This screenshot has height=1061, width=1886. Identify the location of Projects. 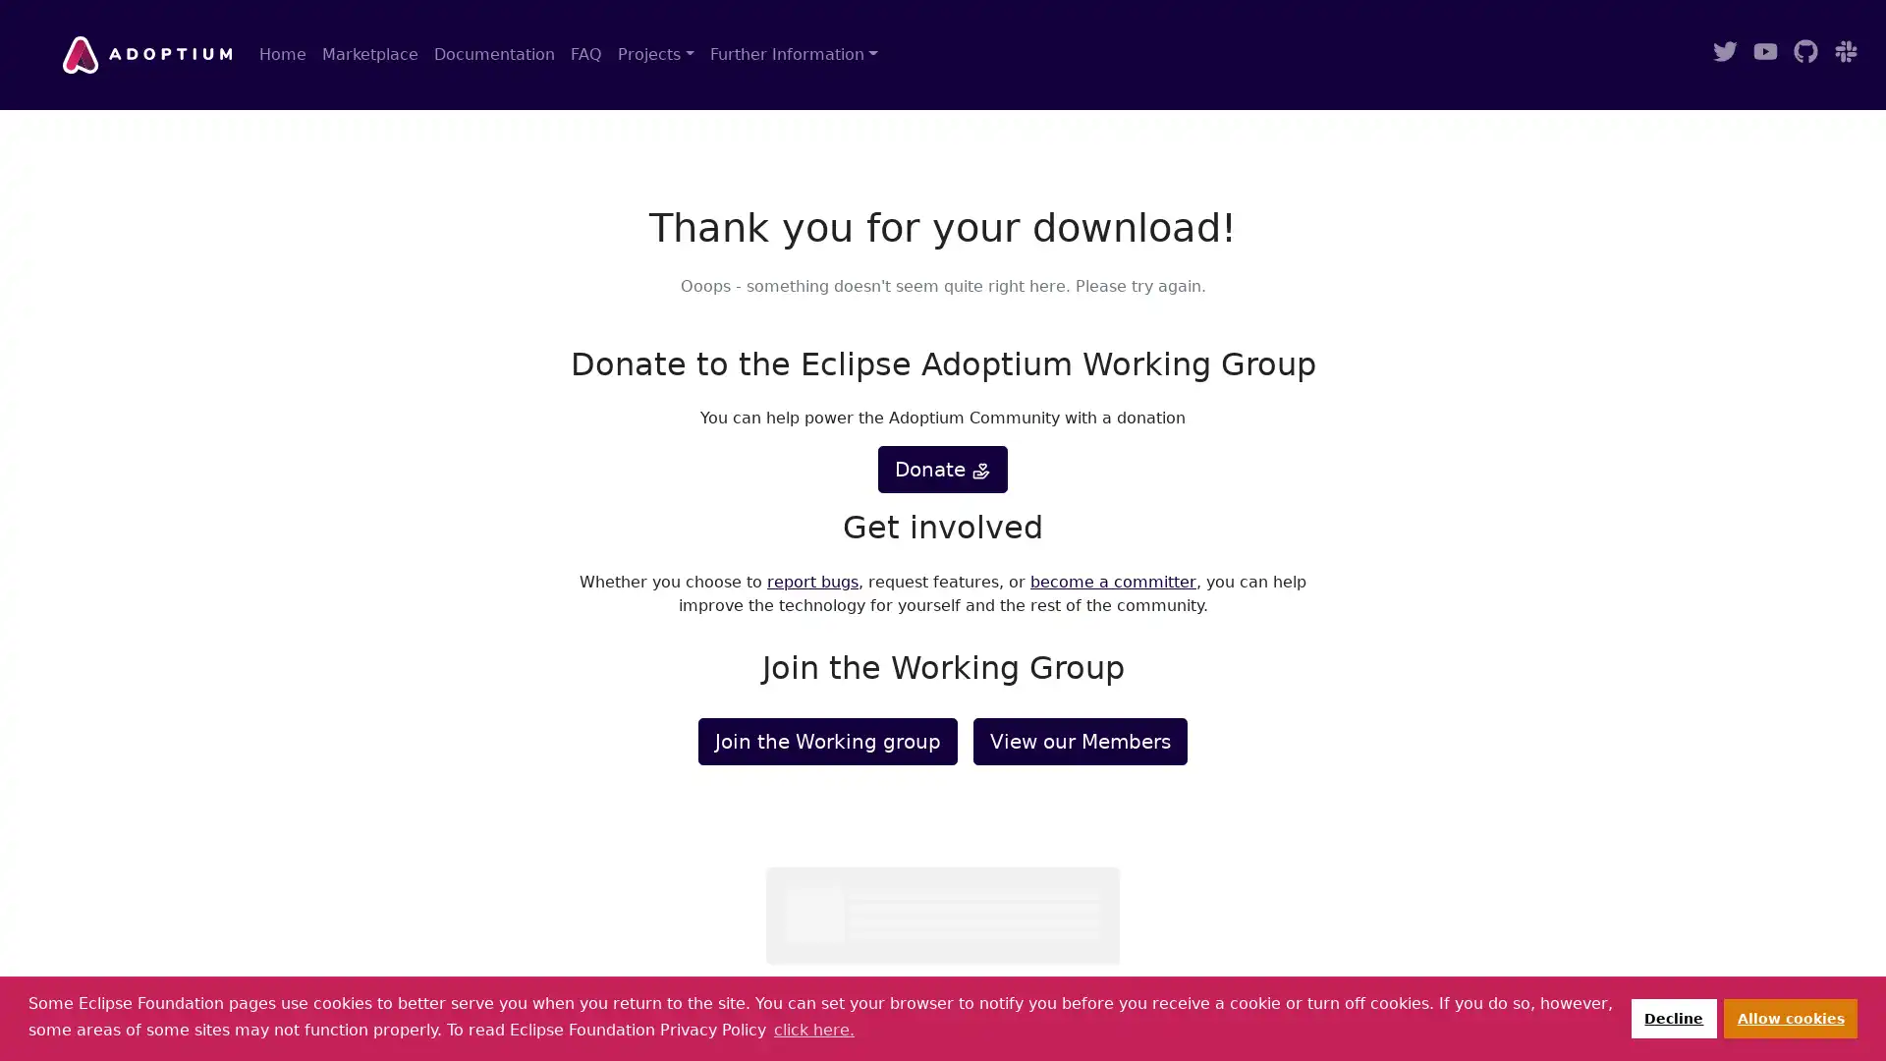
(655, 54).